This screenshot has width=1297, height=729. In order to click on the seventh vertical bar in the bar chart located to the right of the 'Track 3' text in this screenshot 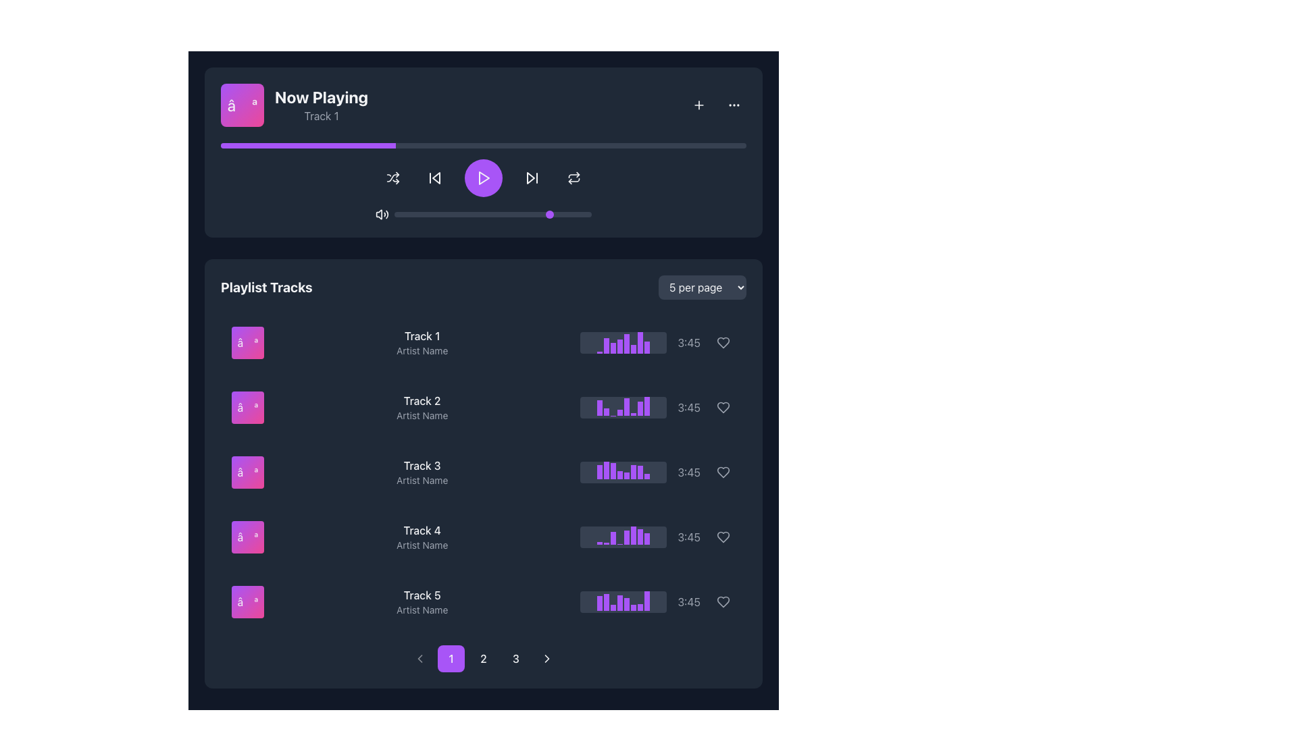, I will do `click(640, 472)`.